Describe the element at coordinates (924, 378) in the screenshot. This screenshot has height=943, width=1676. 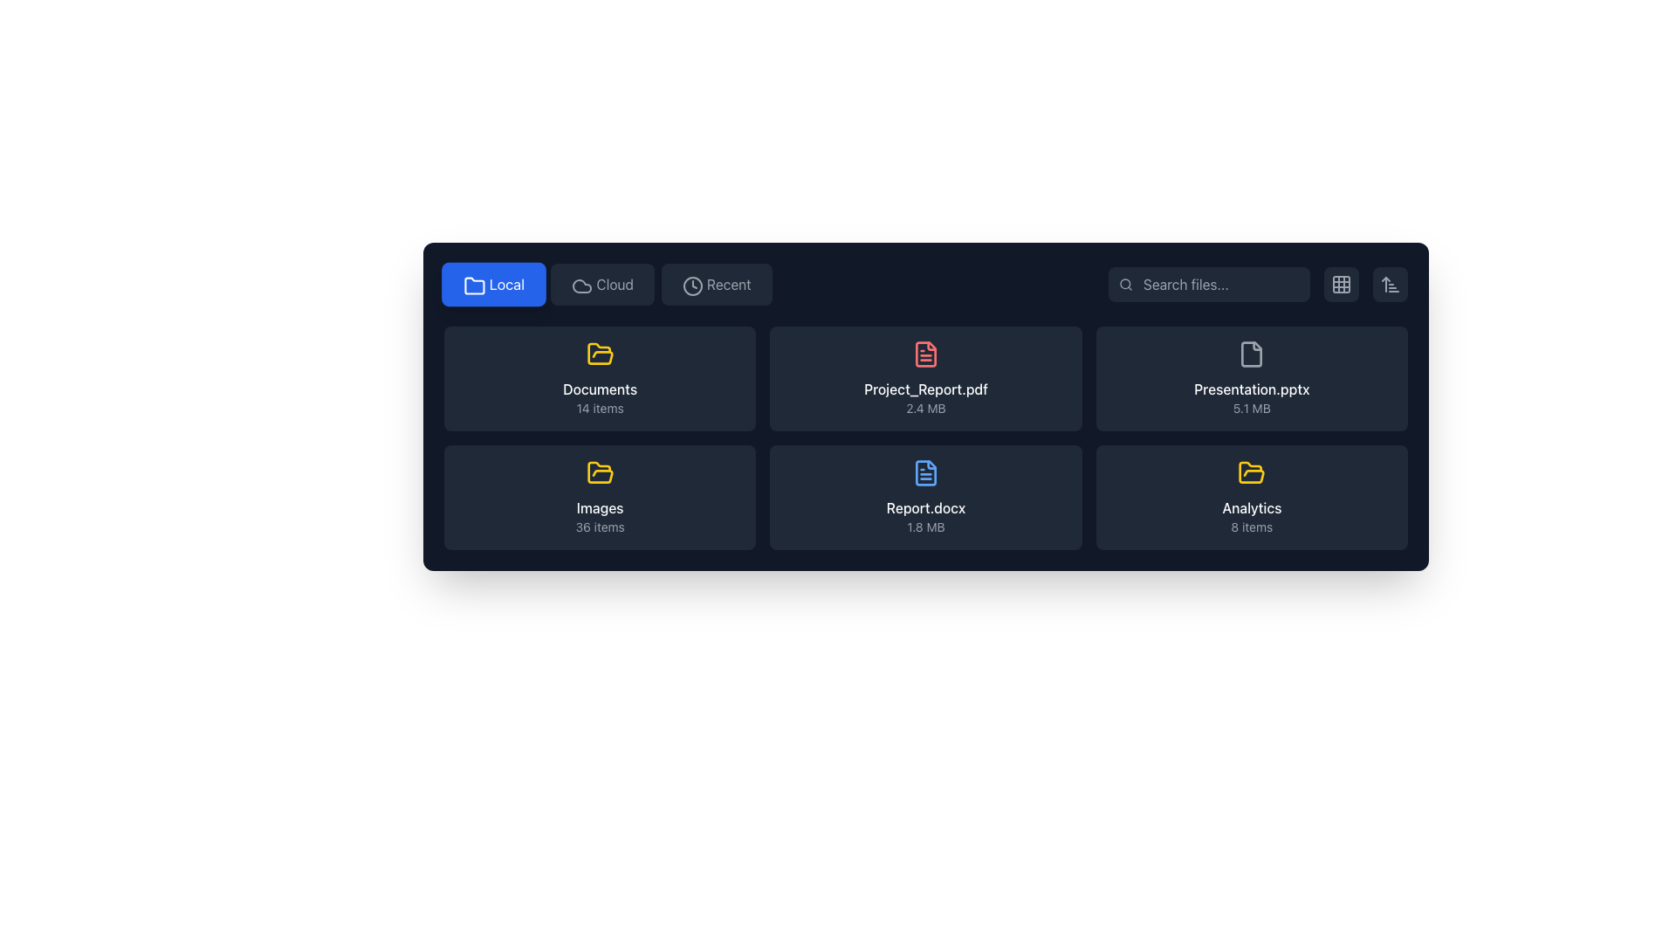
I see `the 'Project_Report.pdf' file card located centrally in the second row of the grid` at that location.